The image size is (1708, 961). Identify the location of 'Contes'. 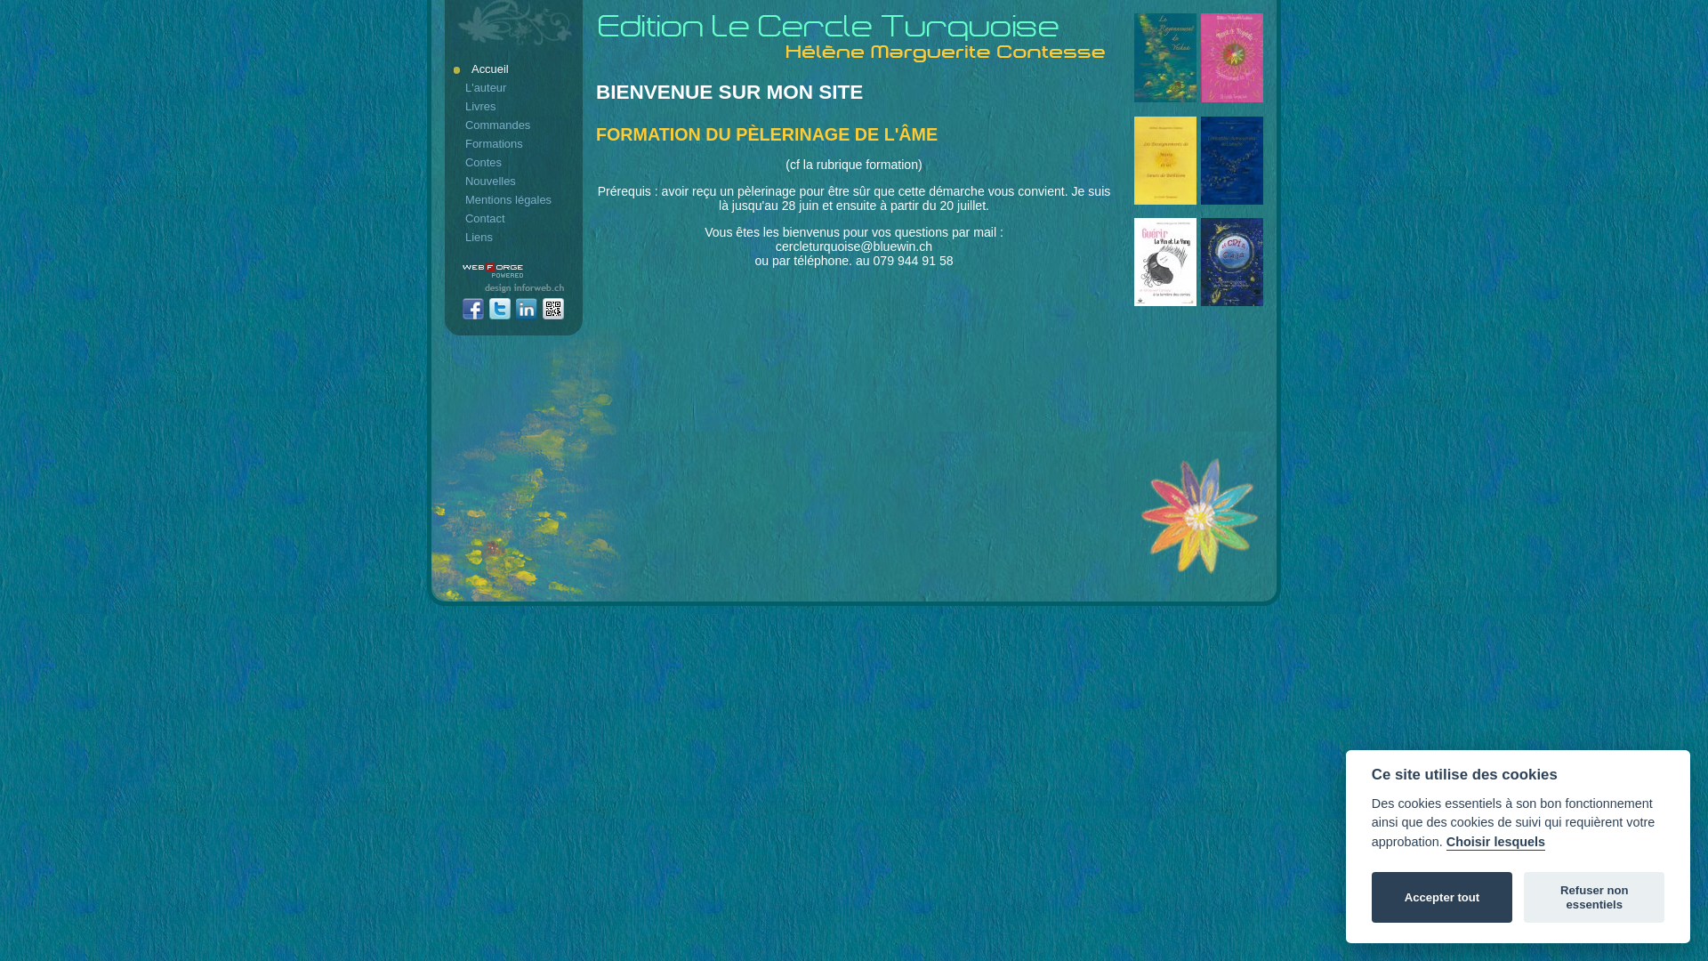
(452, 162).